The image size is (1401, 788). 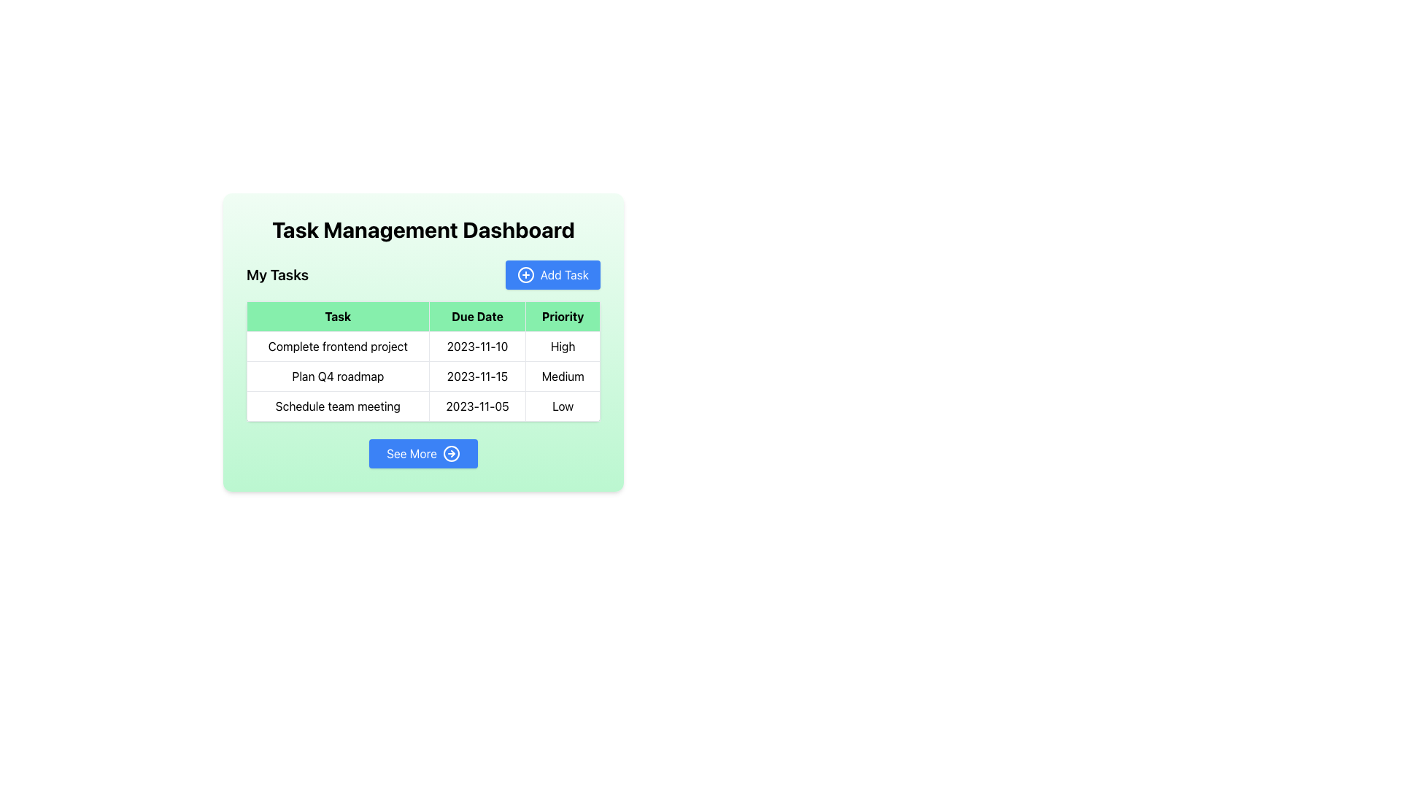 What do you see at coordinates (337, 406) in the screenshot?
I see `task name from the table cell located in the 'Task' column, specifically the cell containing 'Schedule team meeting'` at bounding box center [337, 406].